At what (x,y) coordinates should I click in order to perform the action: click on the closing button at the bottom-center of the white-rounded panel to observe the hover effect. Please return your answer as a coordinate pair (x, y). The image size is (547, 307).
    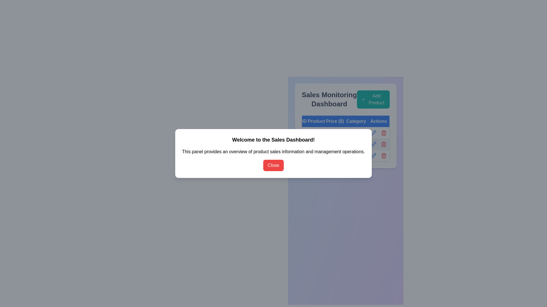
    Looking at the image, I should click on (273, 165).